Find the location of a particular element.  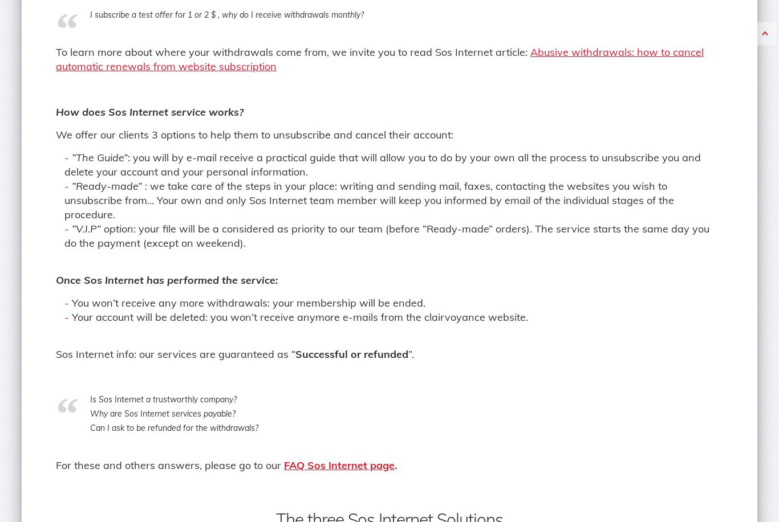

'”The Guide”' is located at coordinates (99, 157).